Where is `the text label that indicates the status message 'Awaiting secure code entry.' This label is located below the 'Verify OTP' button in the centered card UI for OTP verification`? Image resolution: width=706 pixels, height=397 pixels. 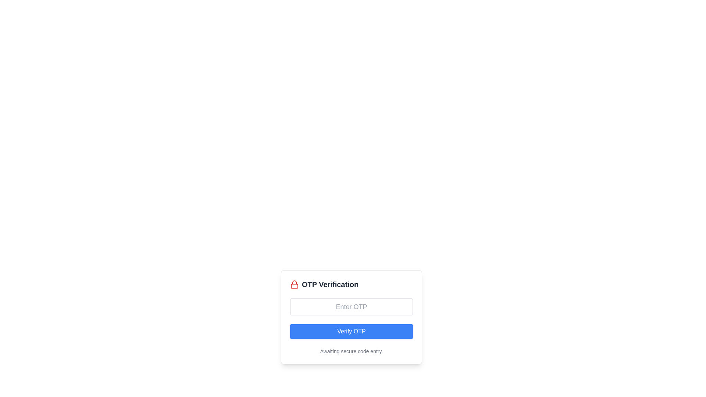
the text label that indicates the status message 'Awaiting secure code entry.' This label is located below the 'Verify OTP' button in the centered card UI for OTP verification is located at coordinates (351, 351).